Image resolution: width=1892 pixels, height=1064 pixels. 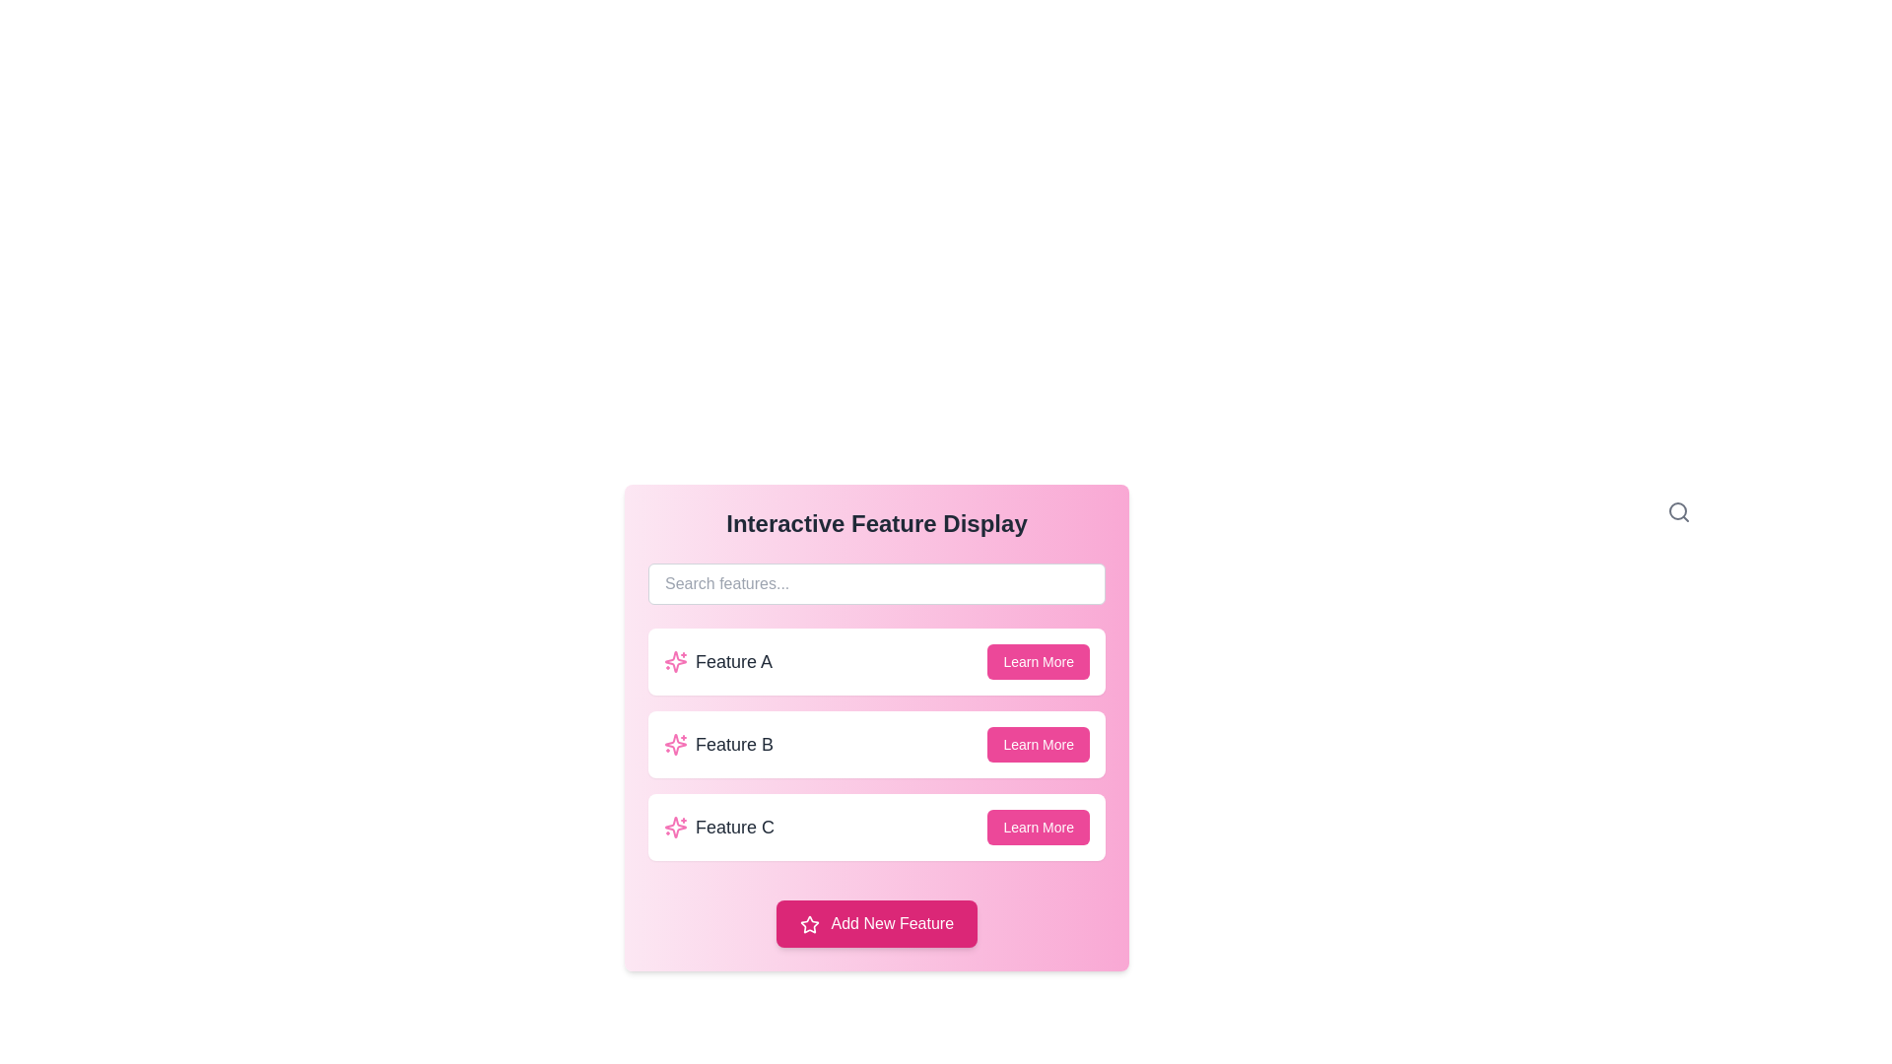 I want to click on the text label displaying 'Feature B', which is located in the second row of the feature list, positioned between a pink sparkle icon and a 'Learn More' button, so click(x=717, y=745).